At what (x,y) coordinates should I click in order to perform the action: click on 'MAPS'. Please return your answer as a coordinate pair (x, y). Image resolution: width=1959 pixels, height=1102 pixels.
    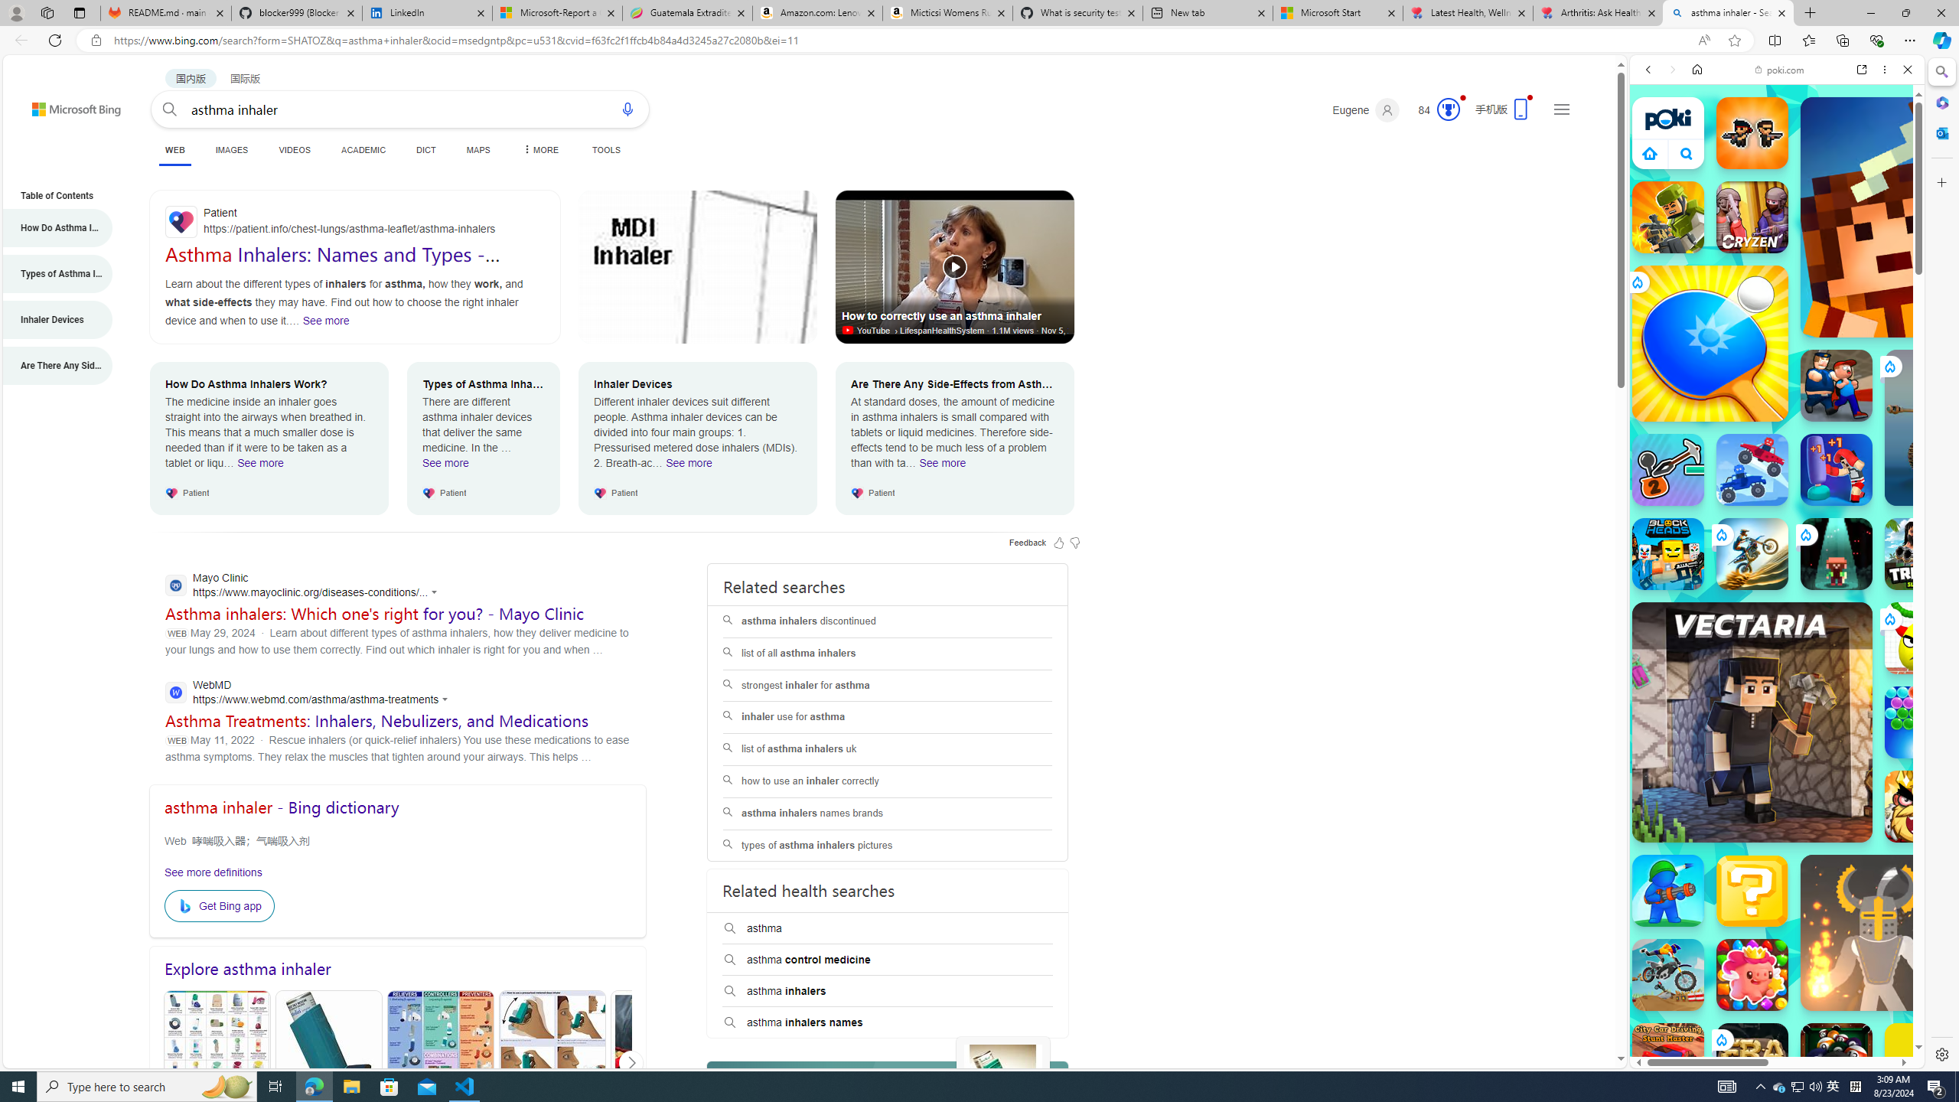
    Looking at the image, I should click on (478, 149).